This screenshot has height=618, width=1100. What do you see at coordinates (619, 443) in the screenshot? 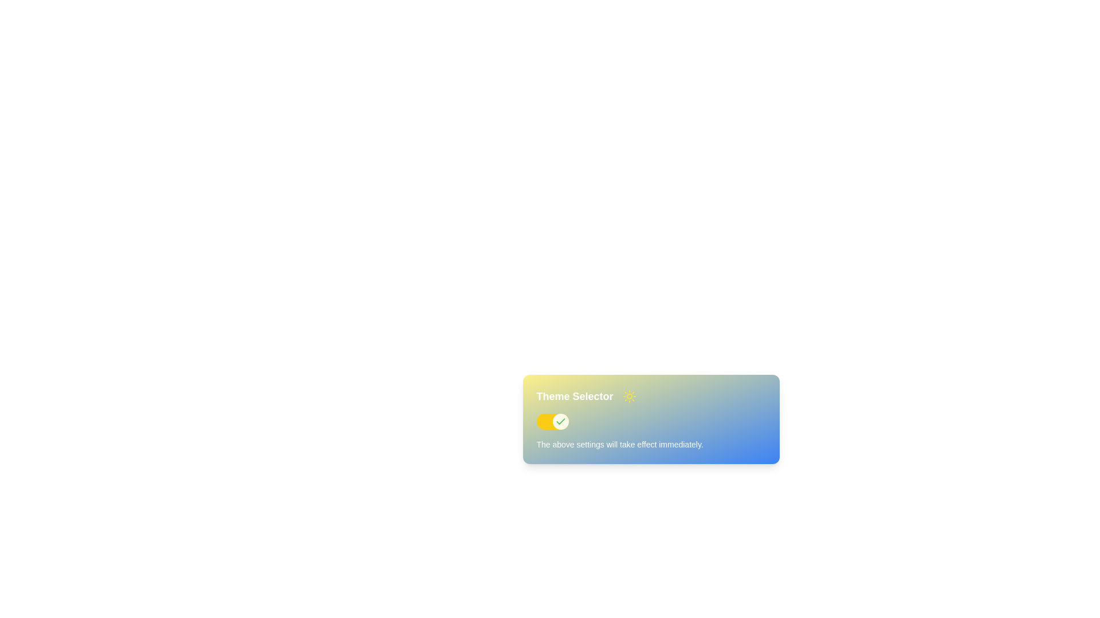
I see `the informational Text Label that indicates settings will be applied immediately, located below the toggle switch and the 'Theme Selector' title label` at bounding box center [619, 443].